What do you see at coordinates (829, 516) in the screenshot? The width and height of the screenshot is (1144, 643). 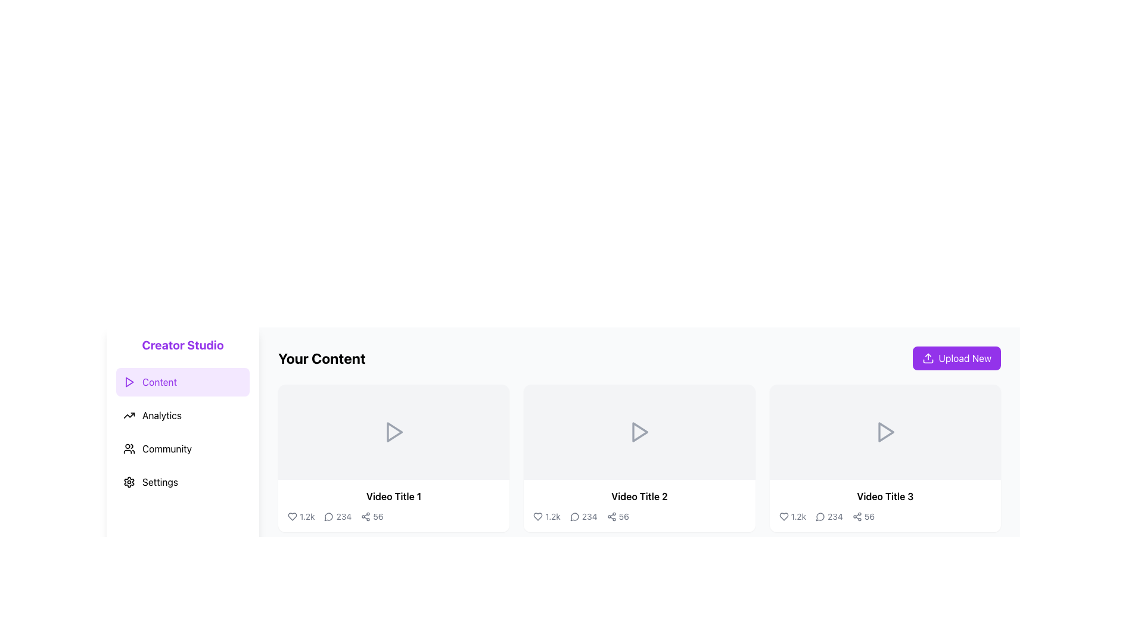 I see `the comment count display, which consists of a comment icon and the number '234', located beneath 'Video Title 3' in the middle-right section of the interface` at bounding box center [829, 516].